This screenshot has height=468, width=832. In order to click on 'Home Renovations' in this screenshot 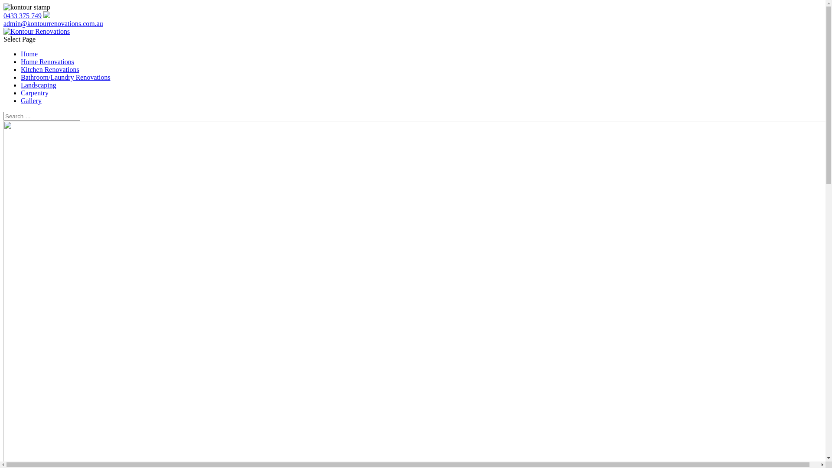, I will do `click(21, 61)`.